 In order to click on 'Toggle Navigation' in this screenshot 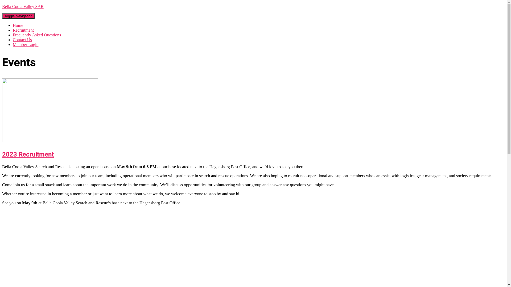, I will do `click(18, 16)`.